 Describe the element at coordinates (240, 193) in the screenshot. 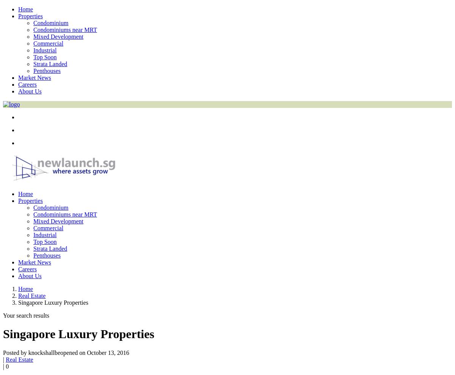

I see `'error:'` at that location.